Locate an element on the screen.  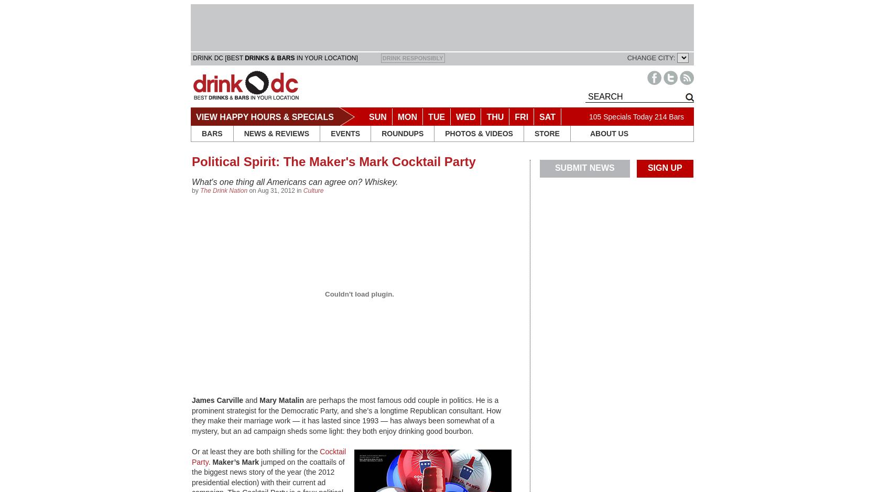
'IN YOUR LOCATION]' is located at coordinates (294, 57).